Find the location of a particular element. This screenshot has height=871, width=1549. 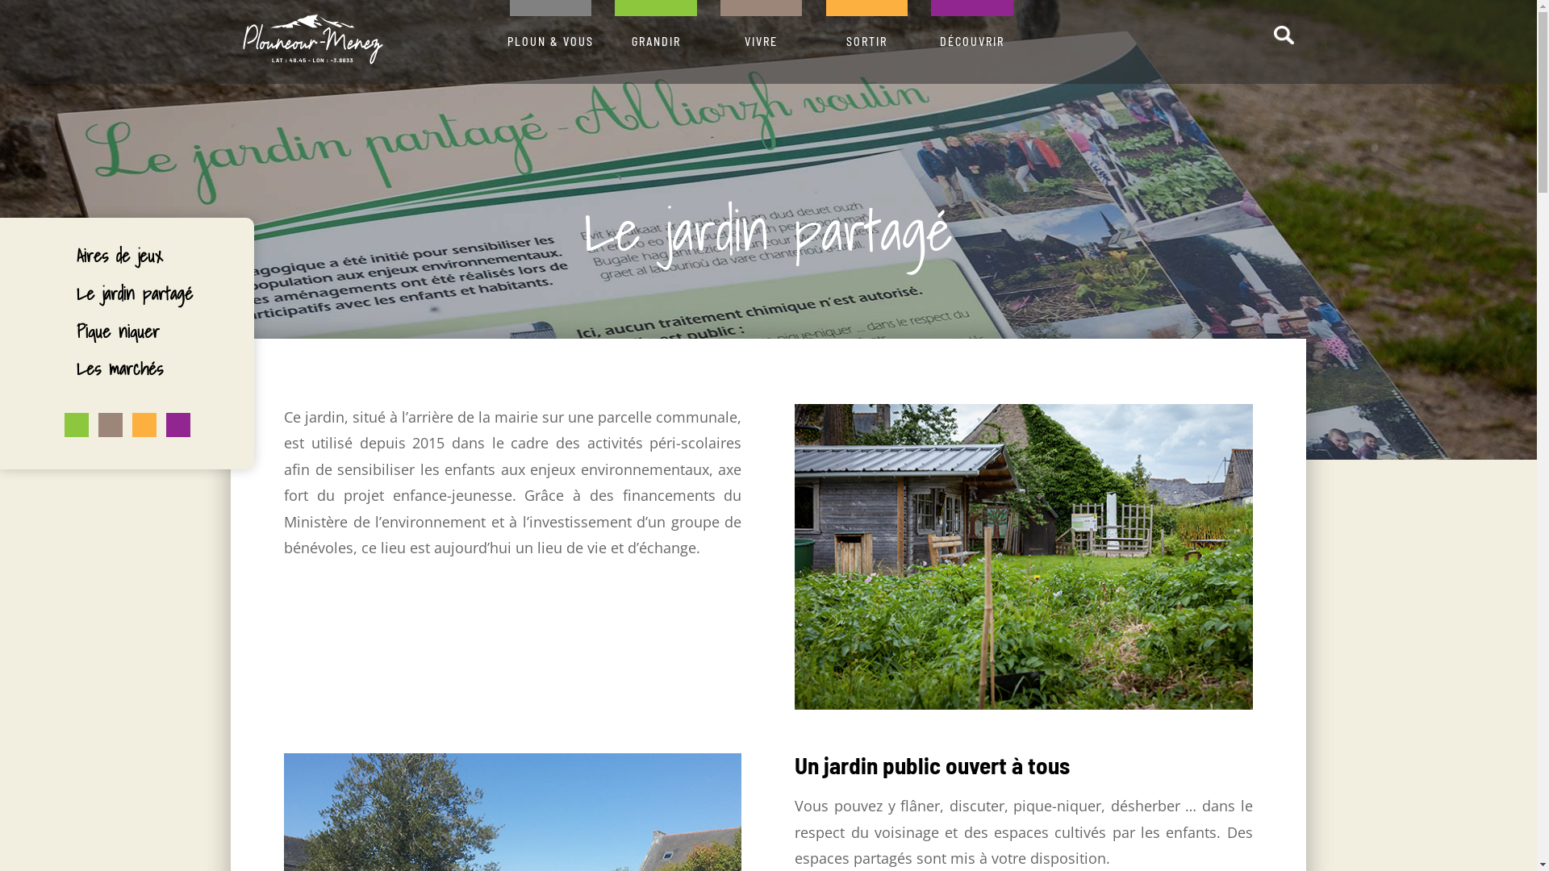

'GRANDIR' is located at coordinates (630, 40).